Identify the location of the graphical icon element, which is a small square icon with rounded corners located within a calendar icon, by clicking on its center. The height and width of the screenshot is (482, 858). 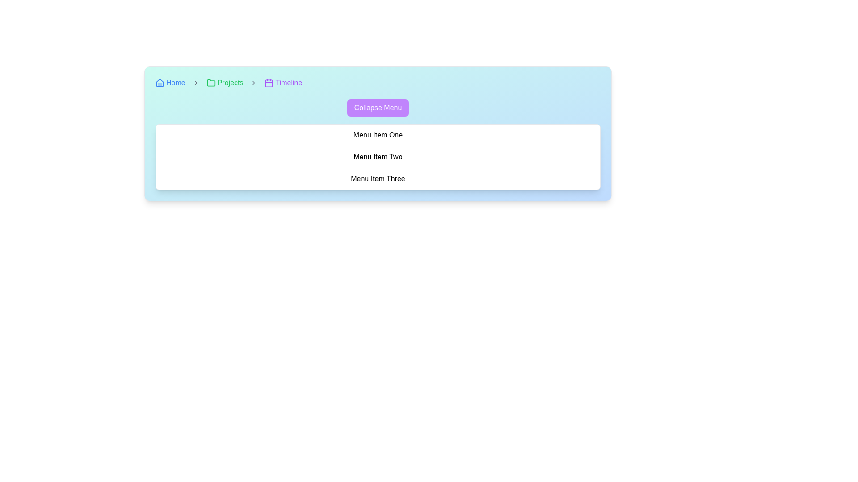
(269, 83).